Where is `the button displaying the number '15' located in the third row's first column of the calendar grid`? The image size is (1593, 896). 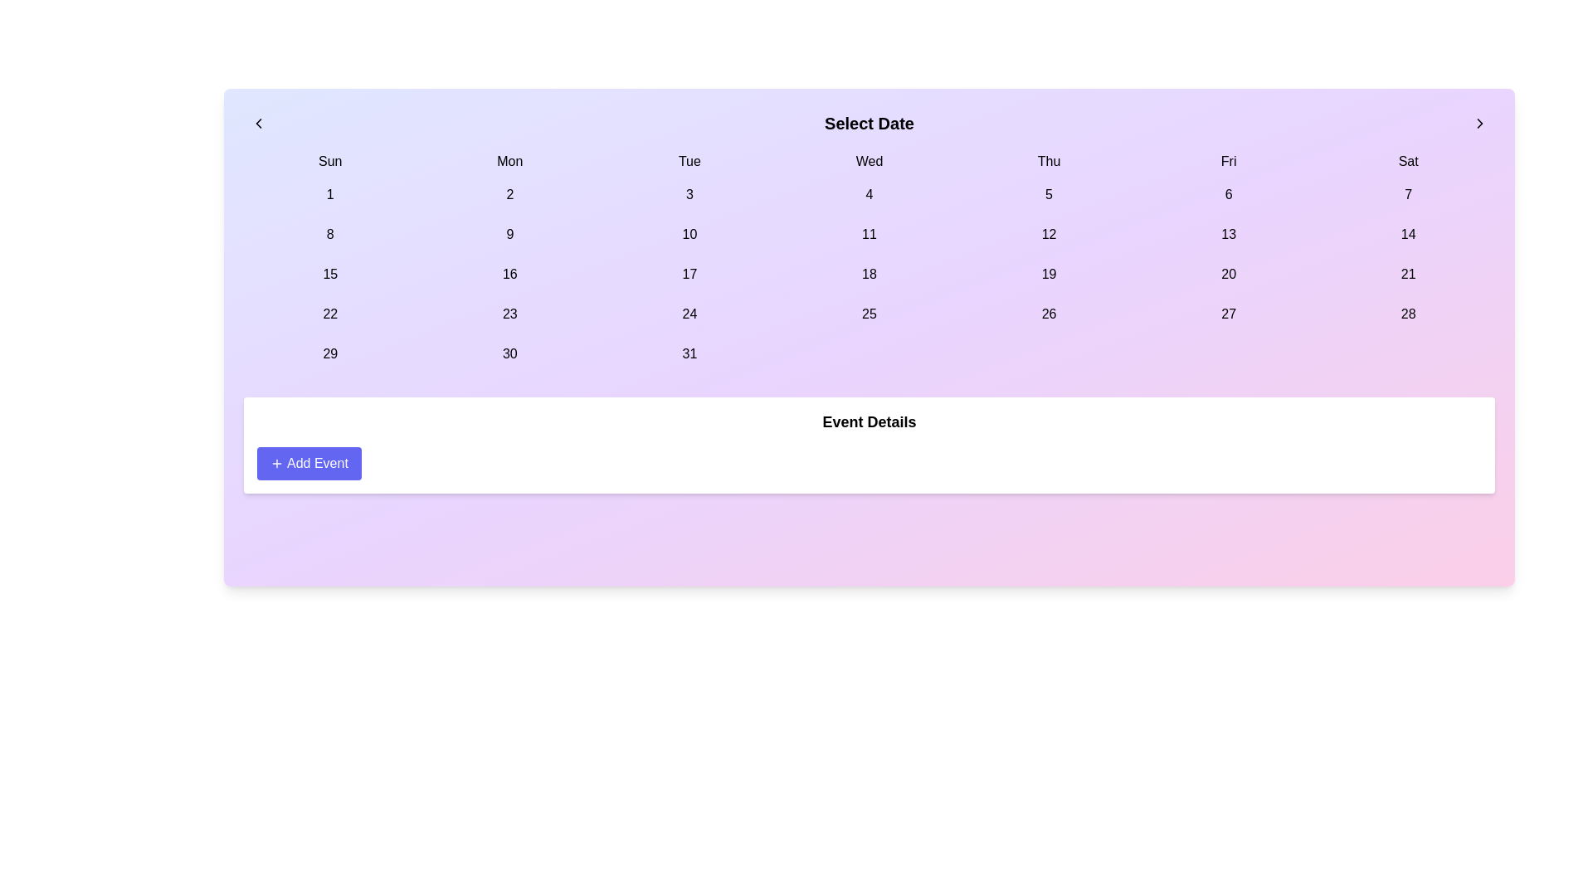 the button displaying the number '15' located in the third row's first column of the calendar grid is located at coordinates (330, 274).